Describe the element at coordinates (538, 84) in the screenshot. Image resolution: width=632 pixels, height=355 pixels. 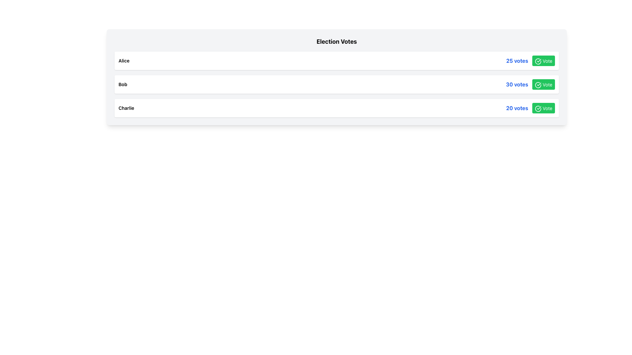
I see `the leftmost part of the checkmark icon located to the right of the 'Vote' button for 'Charlie' in the third row` at that location.